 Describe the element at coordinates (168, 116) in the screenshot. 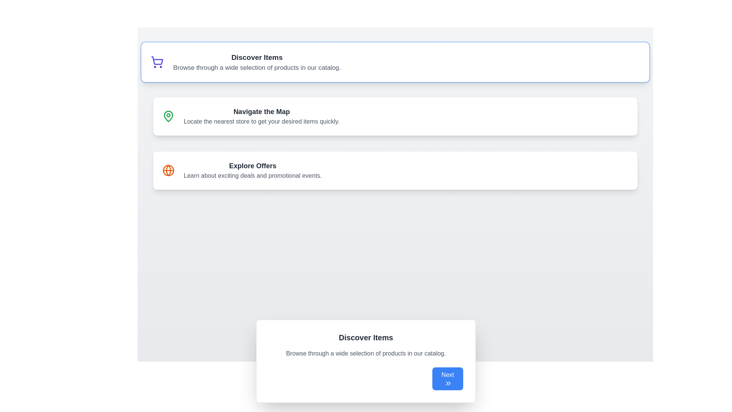

I see `the map pin icon with a green outer border located in the 'Navigate the Map' menu option` at that location.